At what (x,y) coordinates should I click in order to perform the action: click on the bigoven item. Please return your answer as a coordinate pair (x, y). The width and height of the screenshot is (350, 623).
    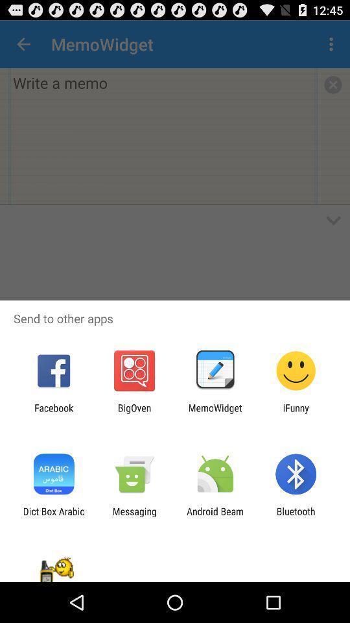
    Looking at the image, I should click on (134, 413).